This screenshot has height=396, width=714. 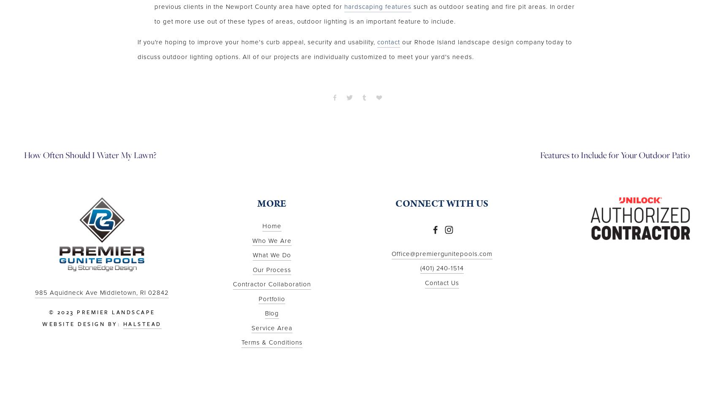 What do you see at coordinates (377, 6) in the screenshot?
I see `'hardscaping features'` at bounding box center [377, 6].